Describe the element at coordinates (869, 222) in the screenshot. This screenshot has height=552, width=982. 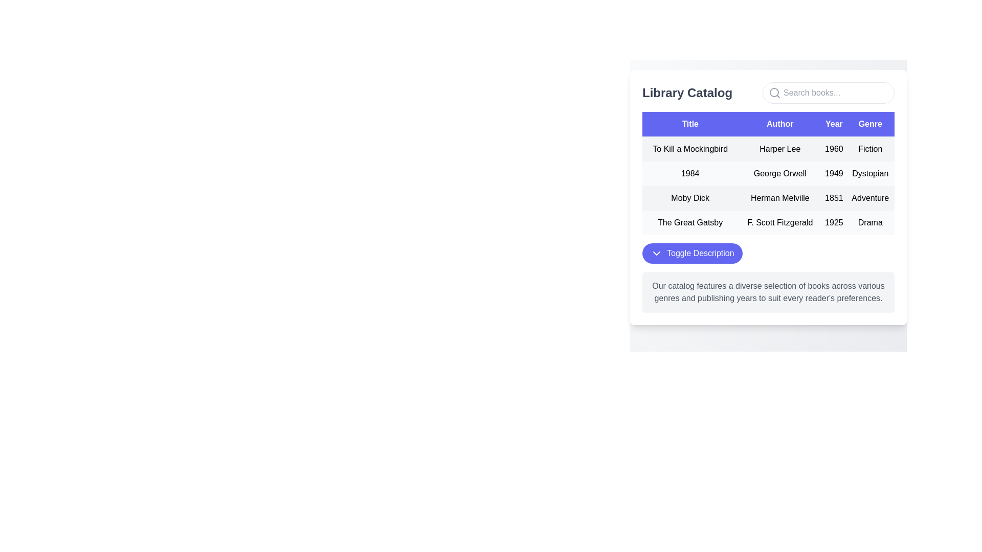
I see `the 'Drama' text label in the fourth row of the table, which is aligned with 'The Great Gatsby', 'F. Scott Fitzgerald', and '1925'` at that location.